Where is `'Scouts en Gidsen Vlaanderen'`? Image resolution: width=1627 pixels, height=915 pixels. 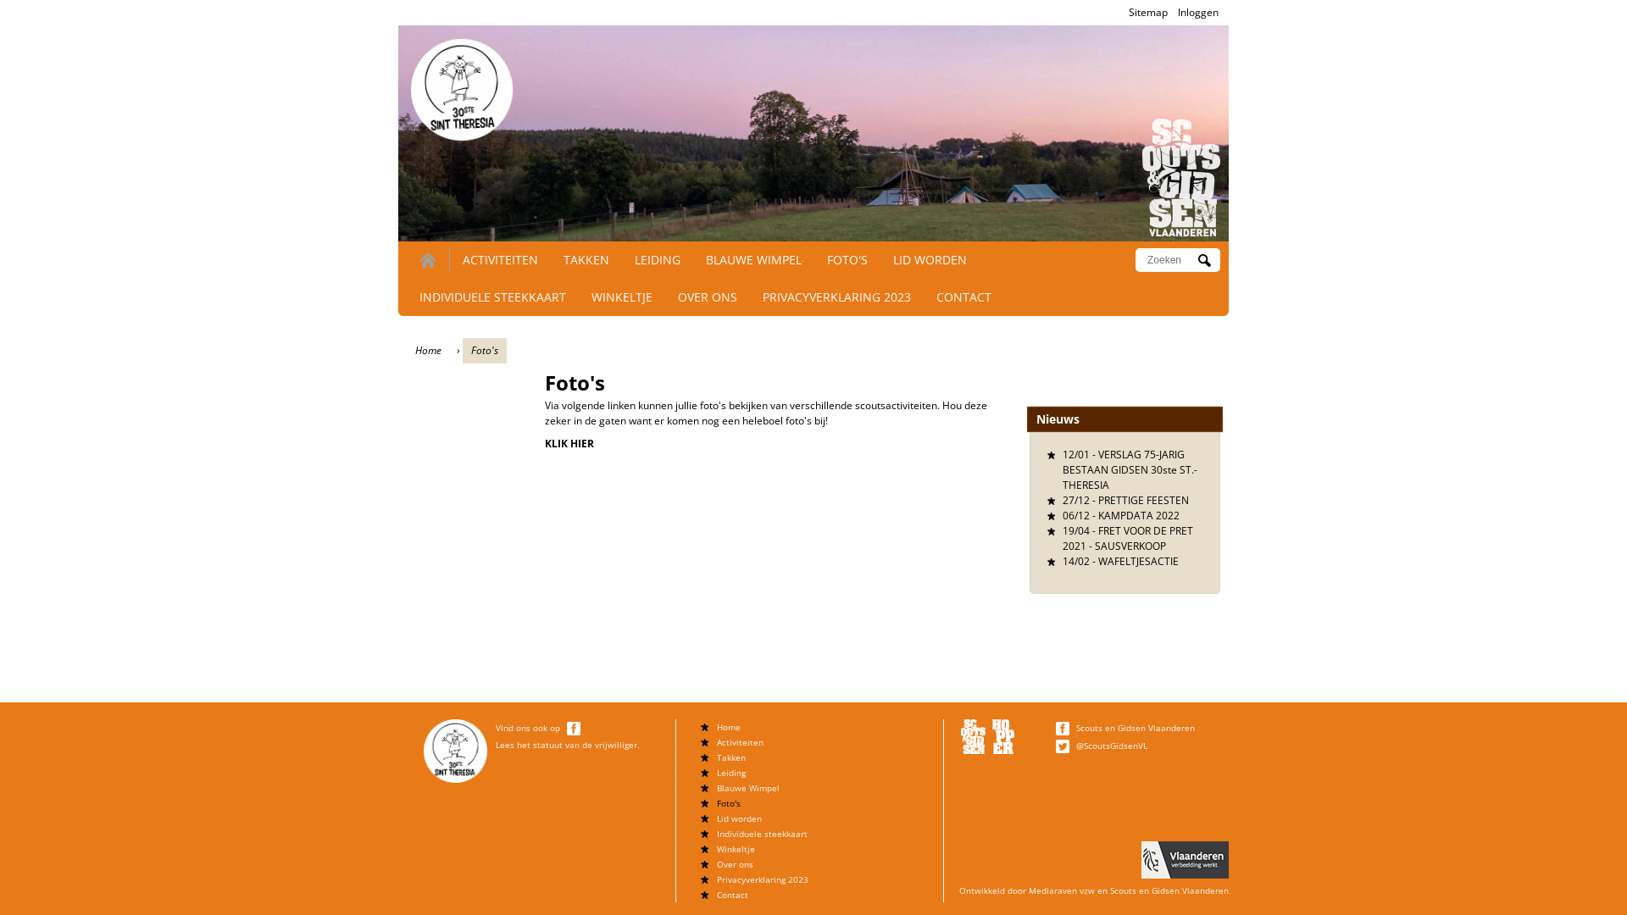
'Scouts en Gidsen Vlaanderen' is located at coordinates (1135, 727).